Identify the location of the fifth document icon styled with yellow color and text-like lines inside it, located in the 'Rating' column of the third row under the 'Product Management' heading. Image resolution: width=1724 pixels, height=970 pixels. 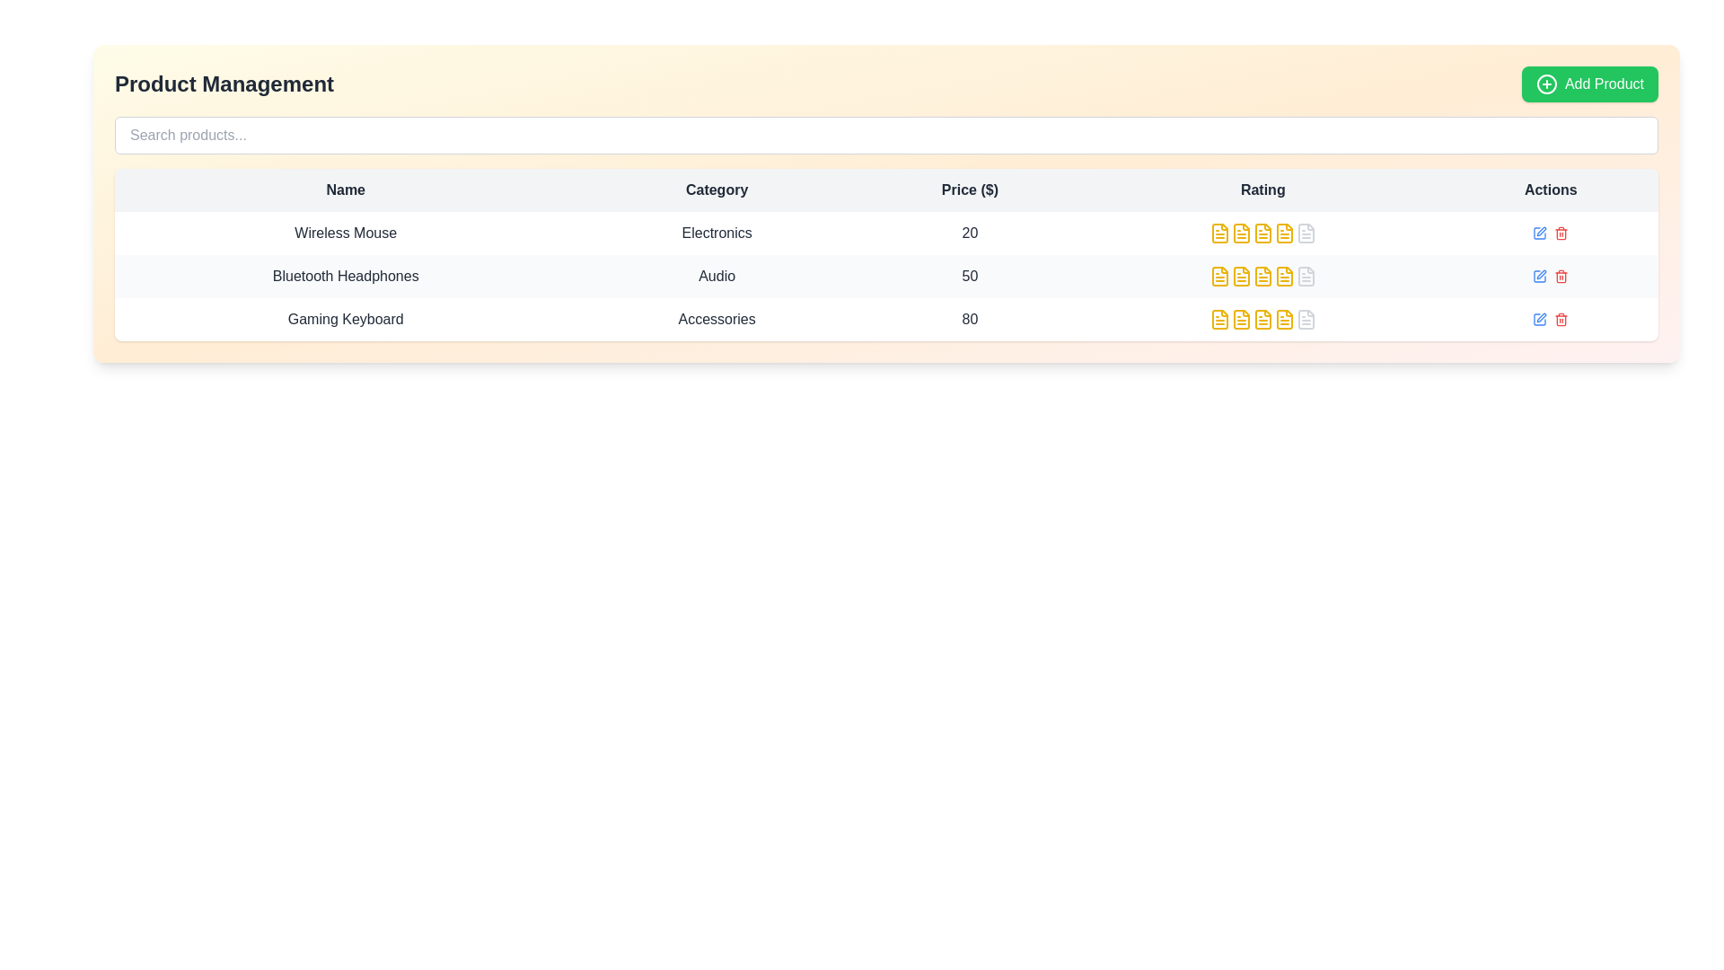
(1283, 318).